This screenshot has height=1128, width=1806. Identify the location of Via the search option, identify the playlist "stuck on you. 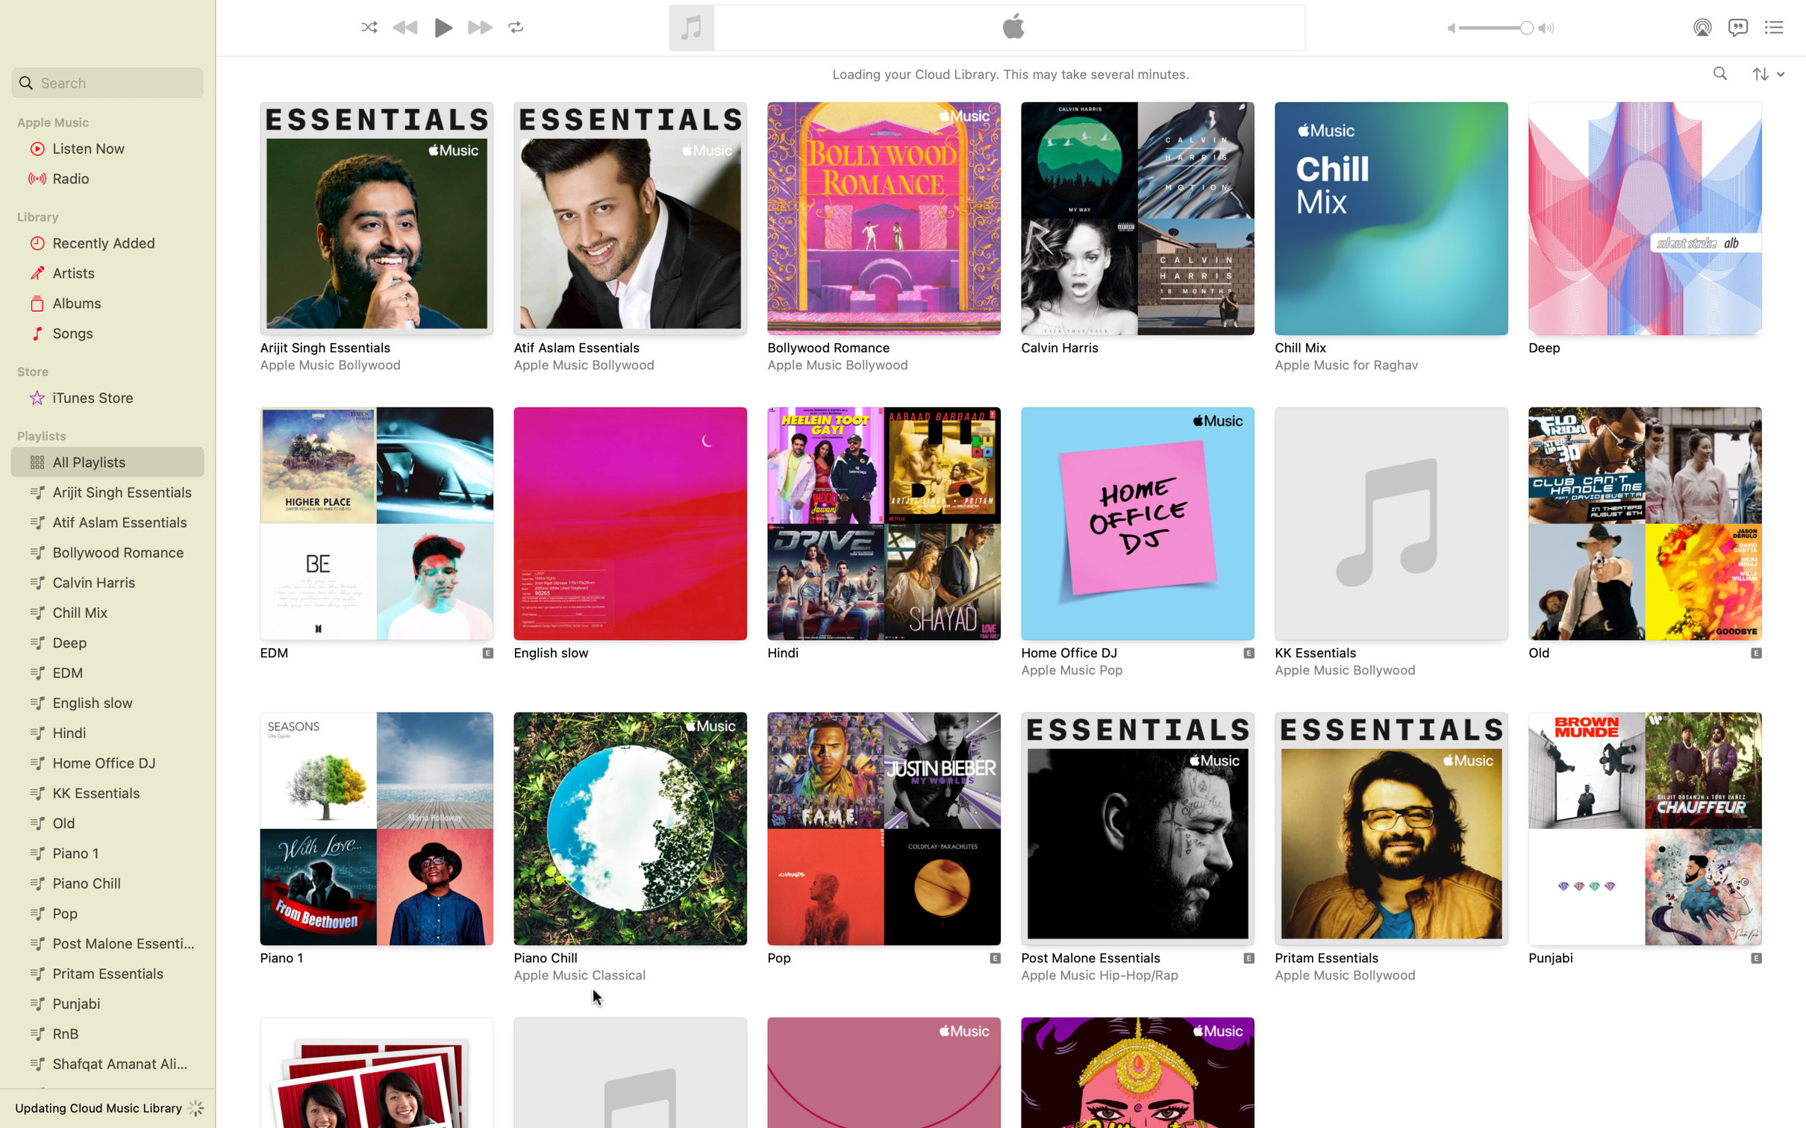
(105, 83).